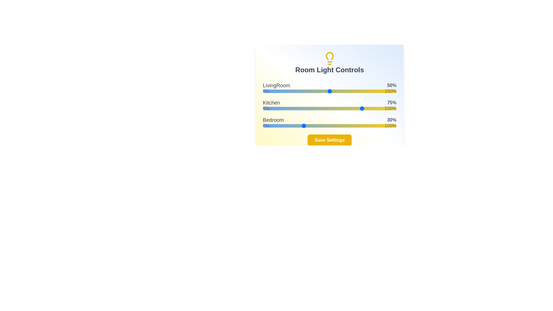 The image size is (553, 311). Describe the element at coordinates (329, 58) in the screenshot. I see `the lightbulb icon in the header section` at that location.